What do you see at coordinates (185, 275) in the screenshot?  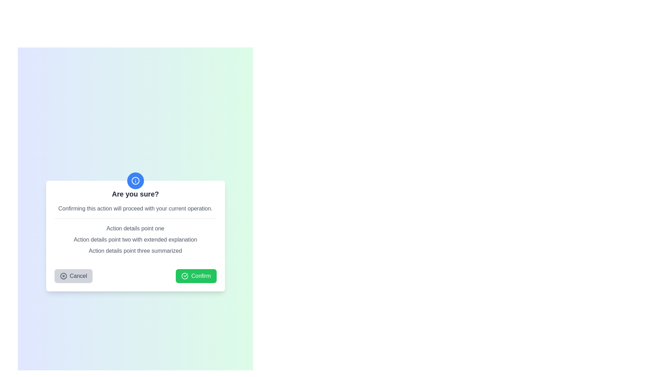 I see `the approval icon located to the left of the 'Confirm' text on the green confirmation button at the bottom-right of the modal dialog, if it is interactive` at bounding box center [185, 275].